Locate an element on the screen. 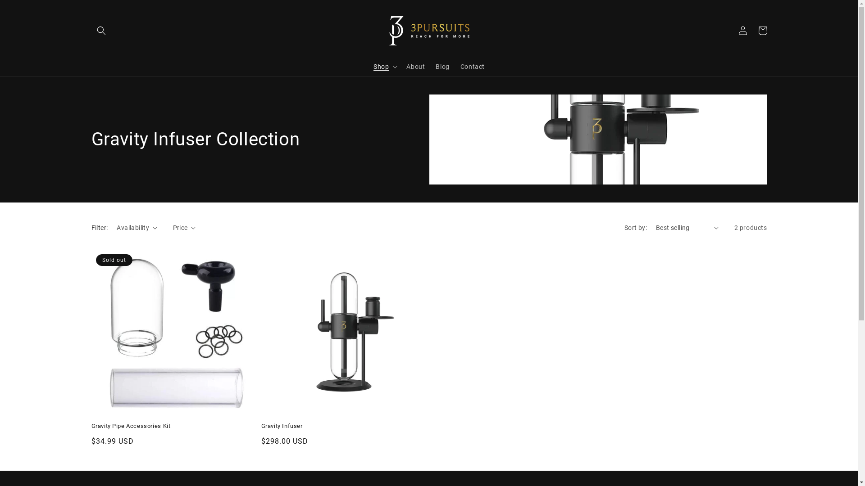 Image resolution: width=865 pixels, height=486 pixels. 'Contact' is located at coordinates (472, 65).